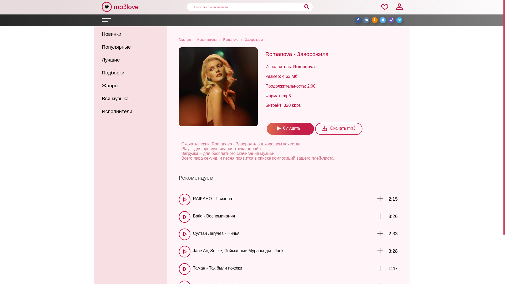  Describe the element at coordinates (231, 39) in the screenshot. I see `'Romanova'` at that location.